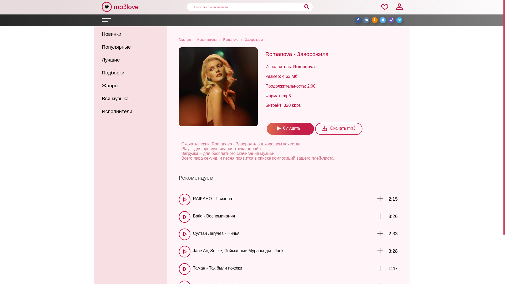  Describe the element at coordinates (231, 39) in the screenshot. I see `'Romanova'` at that location.